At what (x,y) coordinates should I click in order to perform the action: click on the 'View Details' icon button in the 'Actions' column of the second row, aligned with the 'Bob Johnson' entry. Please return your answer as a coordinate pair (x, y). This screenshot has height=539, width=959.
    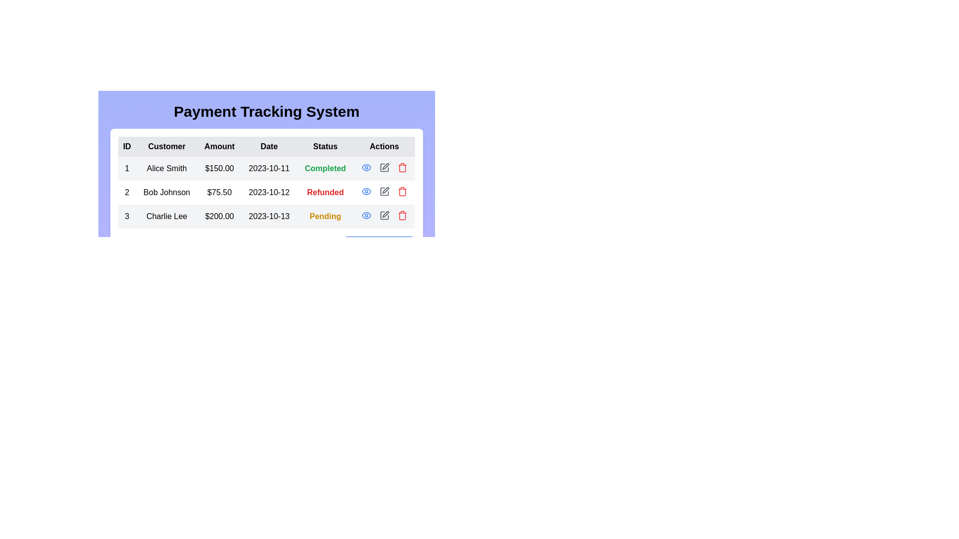
    Looking at the image, I should click on (366, 192).